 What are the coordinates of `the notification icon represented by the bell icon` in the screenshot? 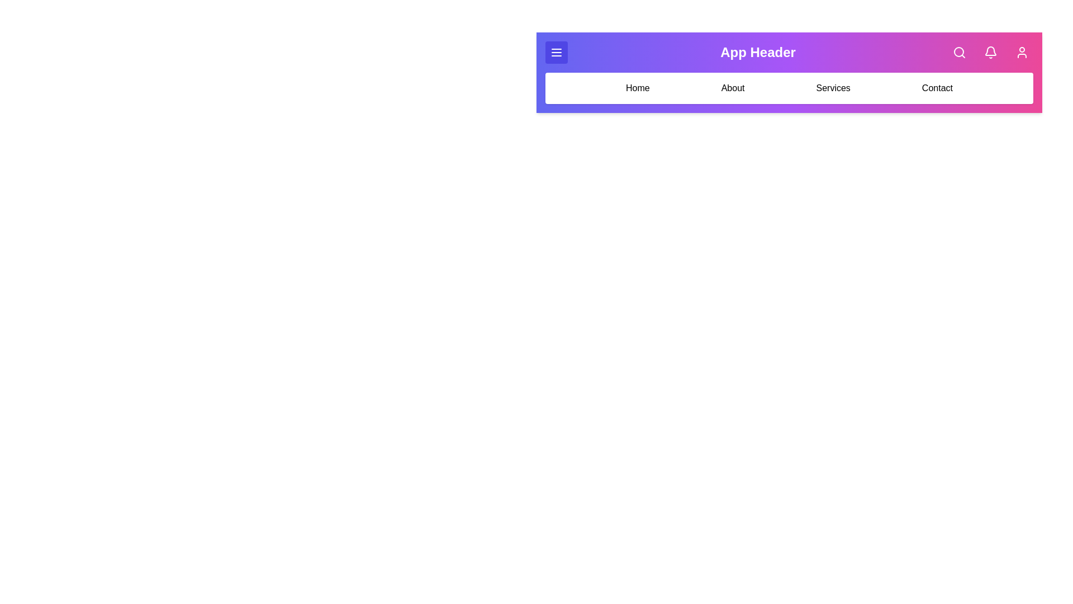 It's located at (990, 52).